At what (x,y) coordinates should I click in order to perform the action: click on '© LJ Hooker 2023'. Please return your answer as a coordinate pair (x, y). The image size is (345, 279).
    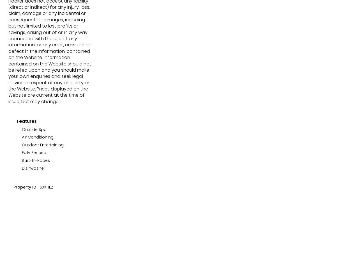
    Looking at the image, I should click on (49, 88).